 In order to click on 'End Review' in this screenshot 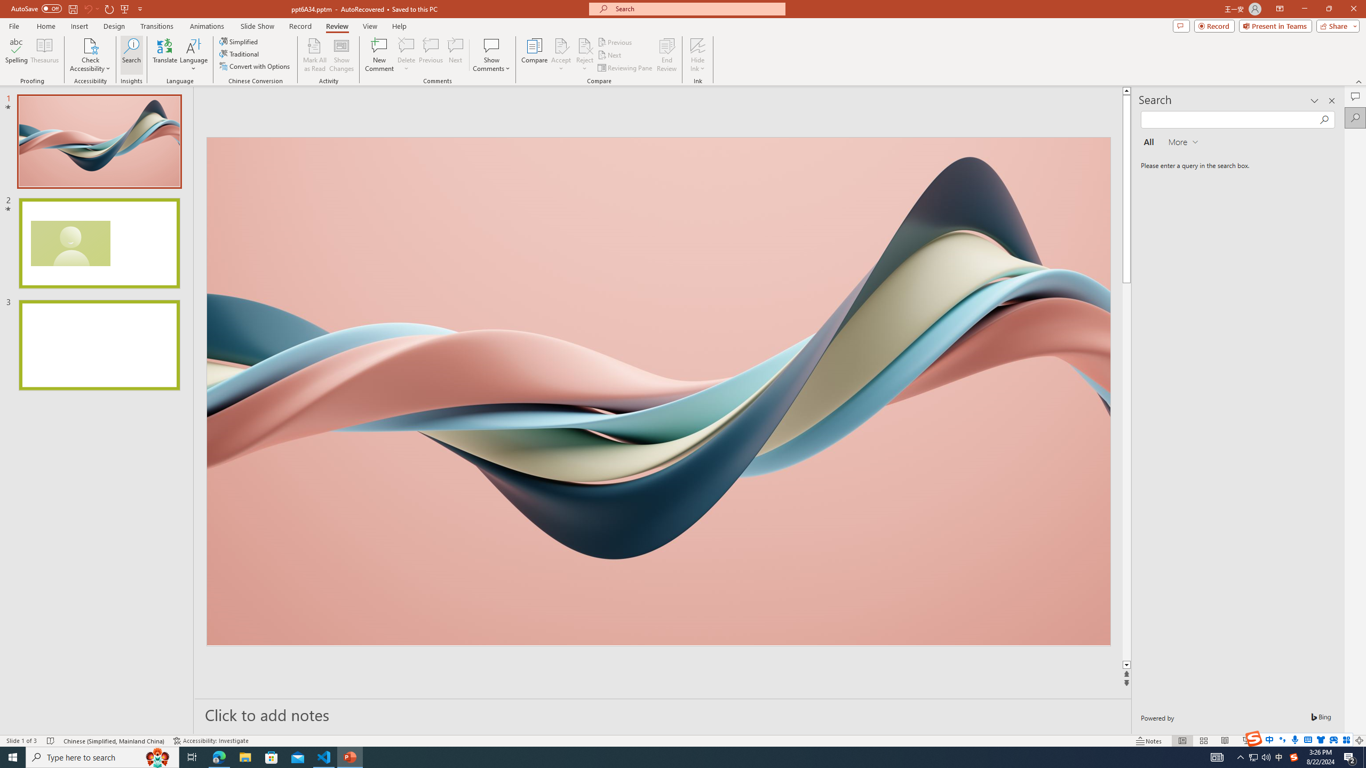, I will do `click(666, 55)`.